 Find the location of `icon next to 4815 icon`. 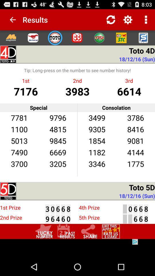

icon next to 4815 icon is located at coordinates (19, 140).